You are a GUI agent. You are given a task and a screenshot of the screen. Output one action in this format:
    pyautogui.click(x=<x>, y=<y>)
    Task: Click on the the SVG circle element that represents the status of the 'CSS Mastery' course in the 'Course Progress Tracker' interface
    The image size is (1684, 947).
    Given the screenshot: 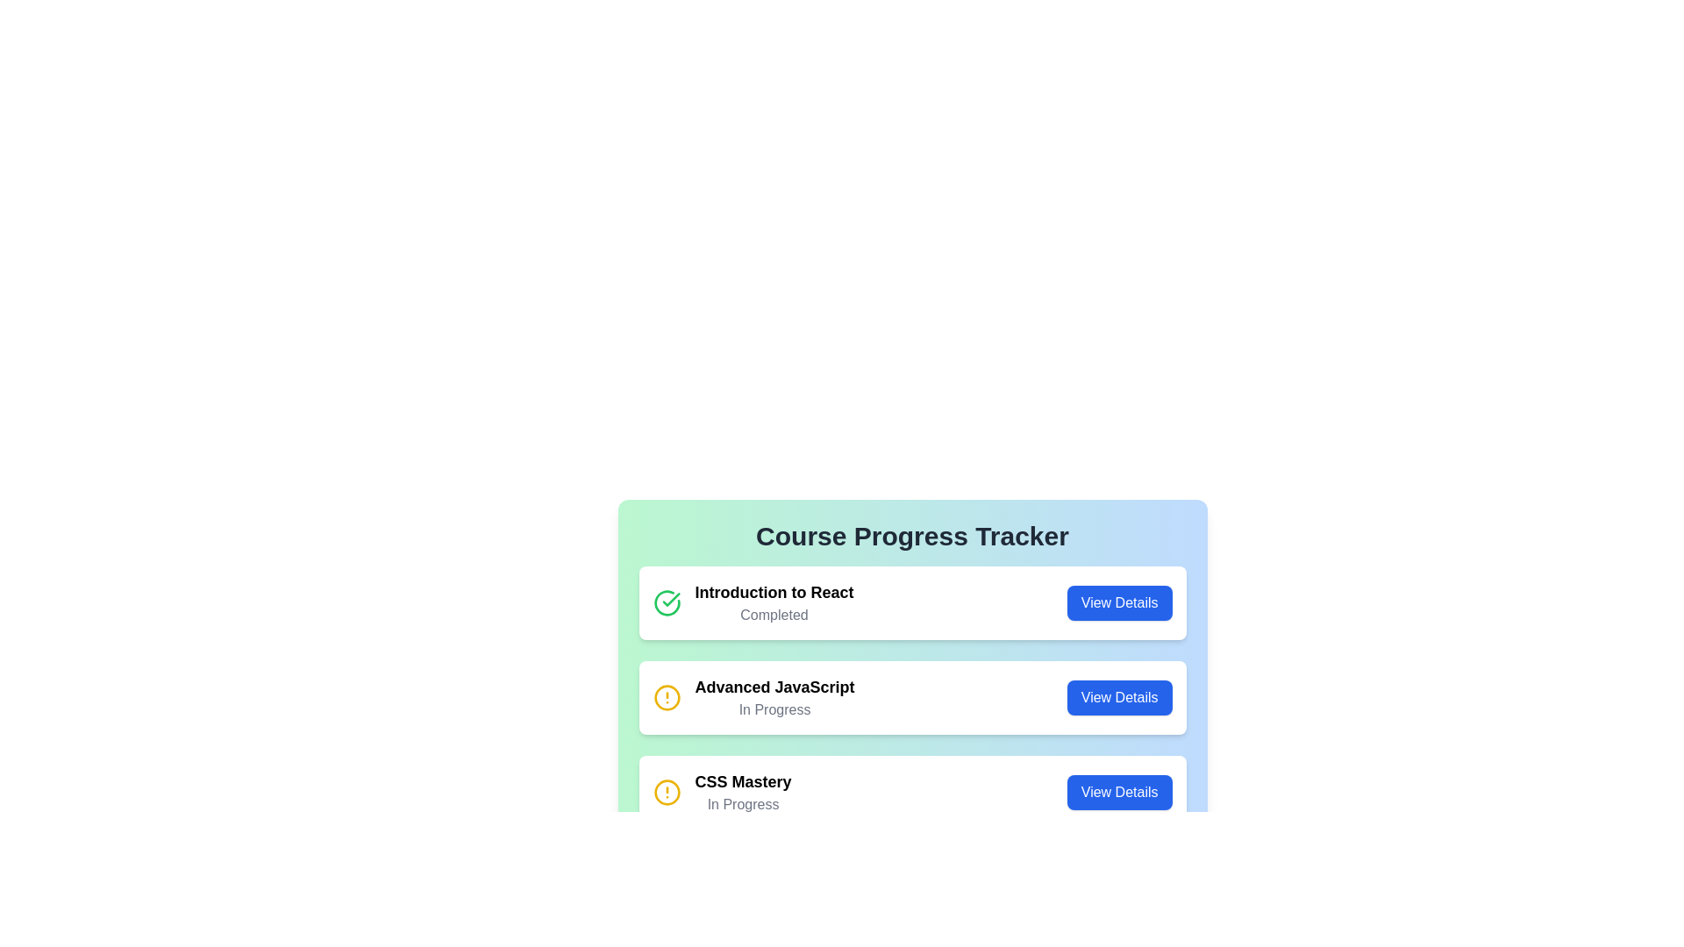 What is the action you would take?
    pyautogui.click(x=666, y=792)
    